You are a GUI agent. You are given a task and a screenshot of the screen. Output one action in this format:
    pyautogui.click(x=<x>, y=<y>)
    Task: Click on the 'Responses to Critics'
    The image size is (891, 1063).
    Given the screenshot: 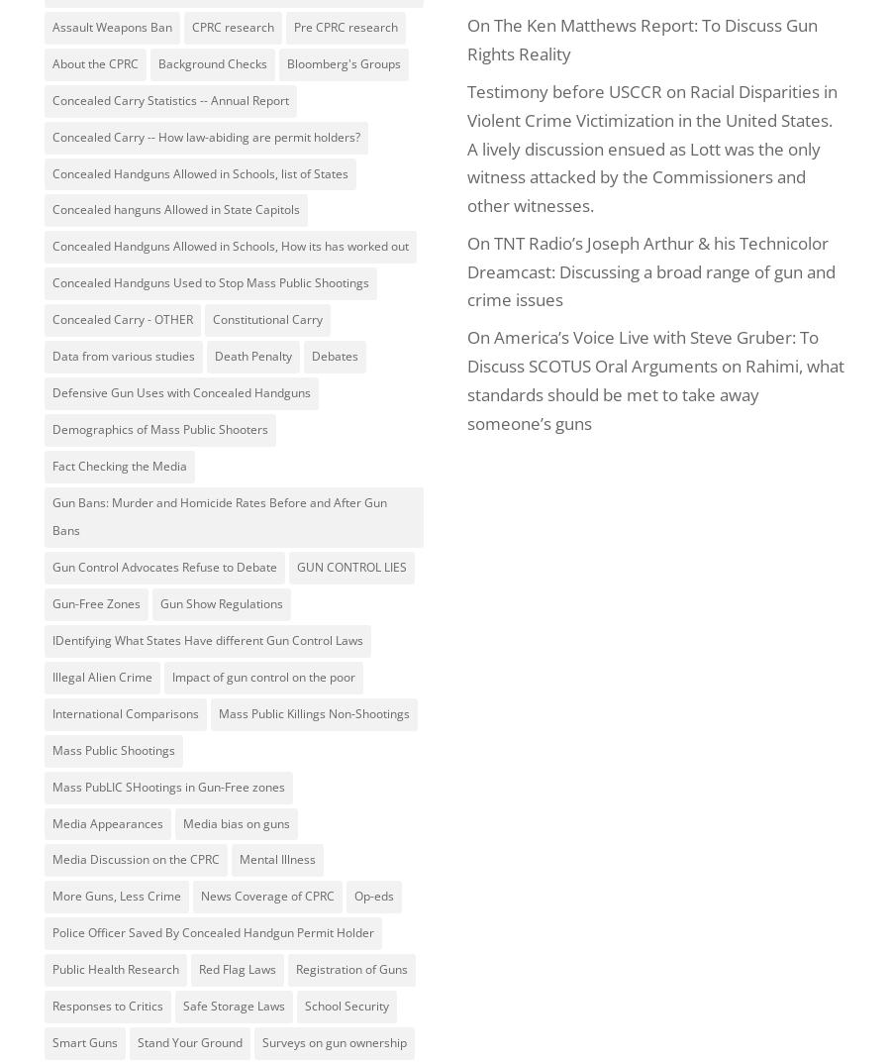 What is the action you would take?
    pyautogui.click(x=106, y=1005)
    